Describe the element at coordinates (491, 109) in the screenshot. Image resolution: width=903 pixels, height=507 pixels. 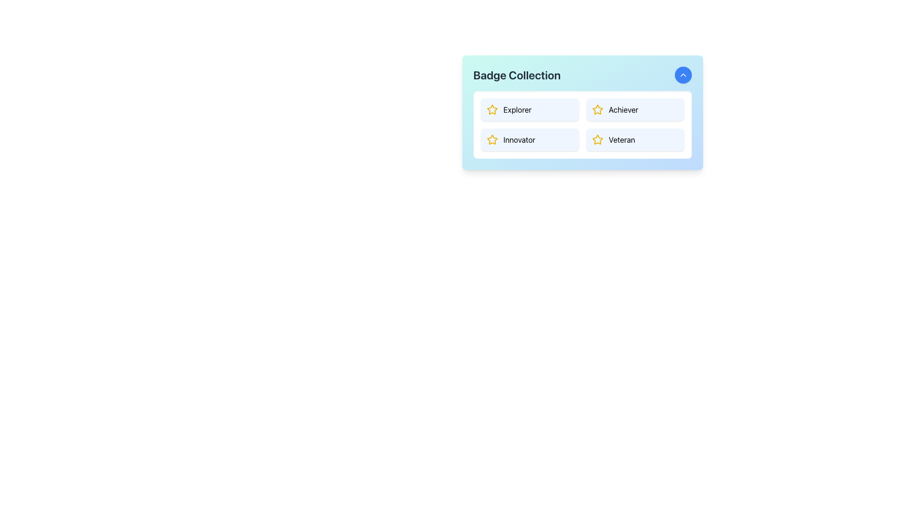
I see `the star icon representing the 'Explorer' badge located in the top-left corner of the grid under the 'Badge Collection' header` at that location.